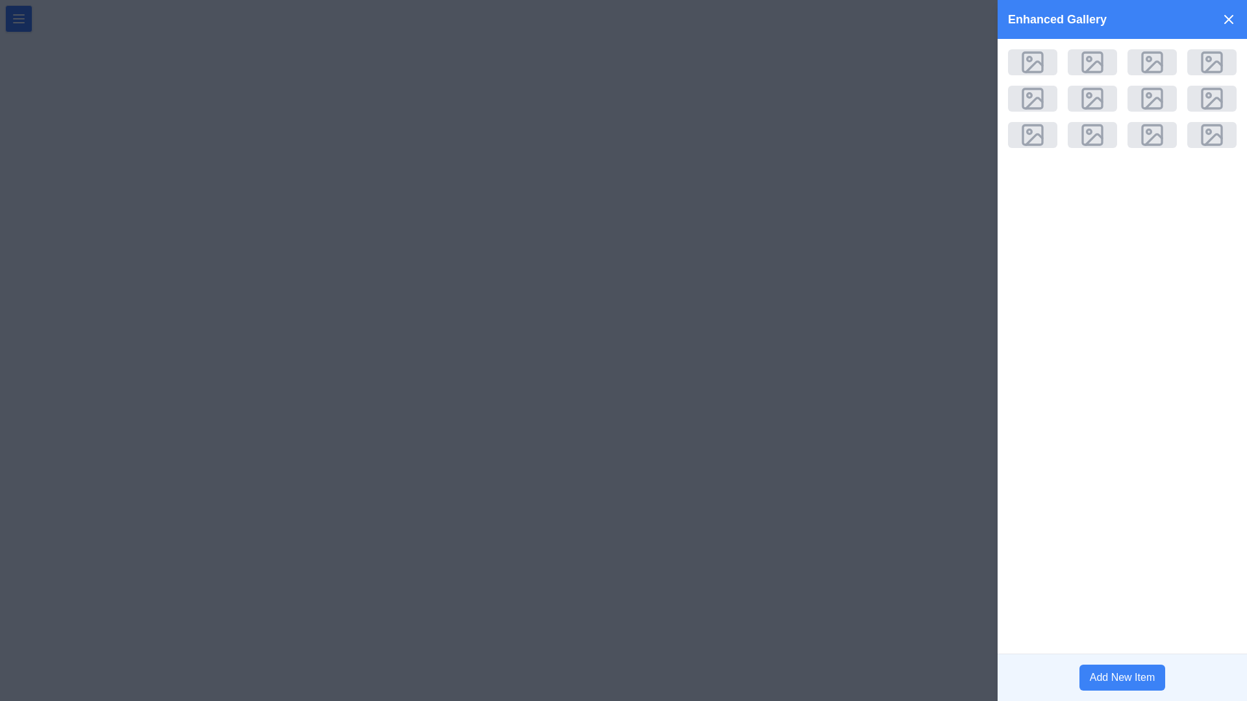 The width and height of the screenshot is (1247, 701). Describe the element at coordinates (1091, 97) in the screenshot. I see `the hollow icon representing an image, which resembles a picture frame with a minimalist design, located in the second row and third column of the 'Enhanced Gallery' interface` at that location.